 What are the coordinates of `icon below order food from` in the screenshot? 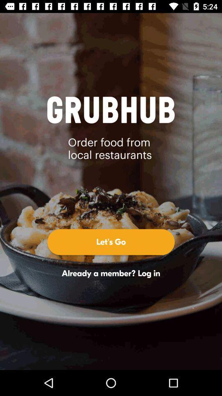 It's located at (111, 242).